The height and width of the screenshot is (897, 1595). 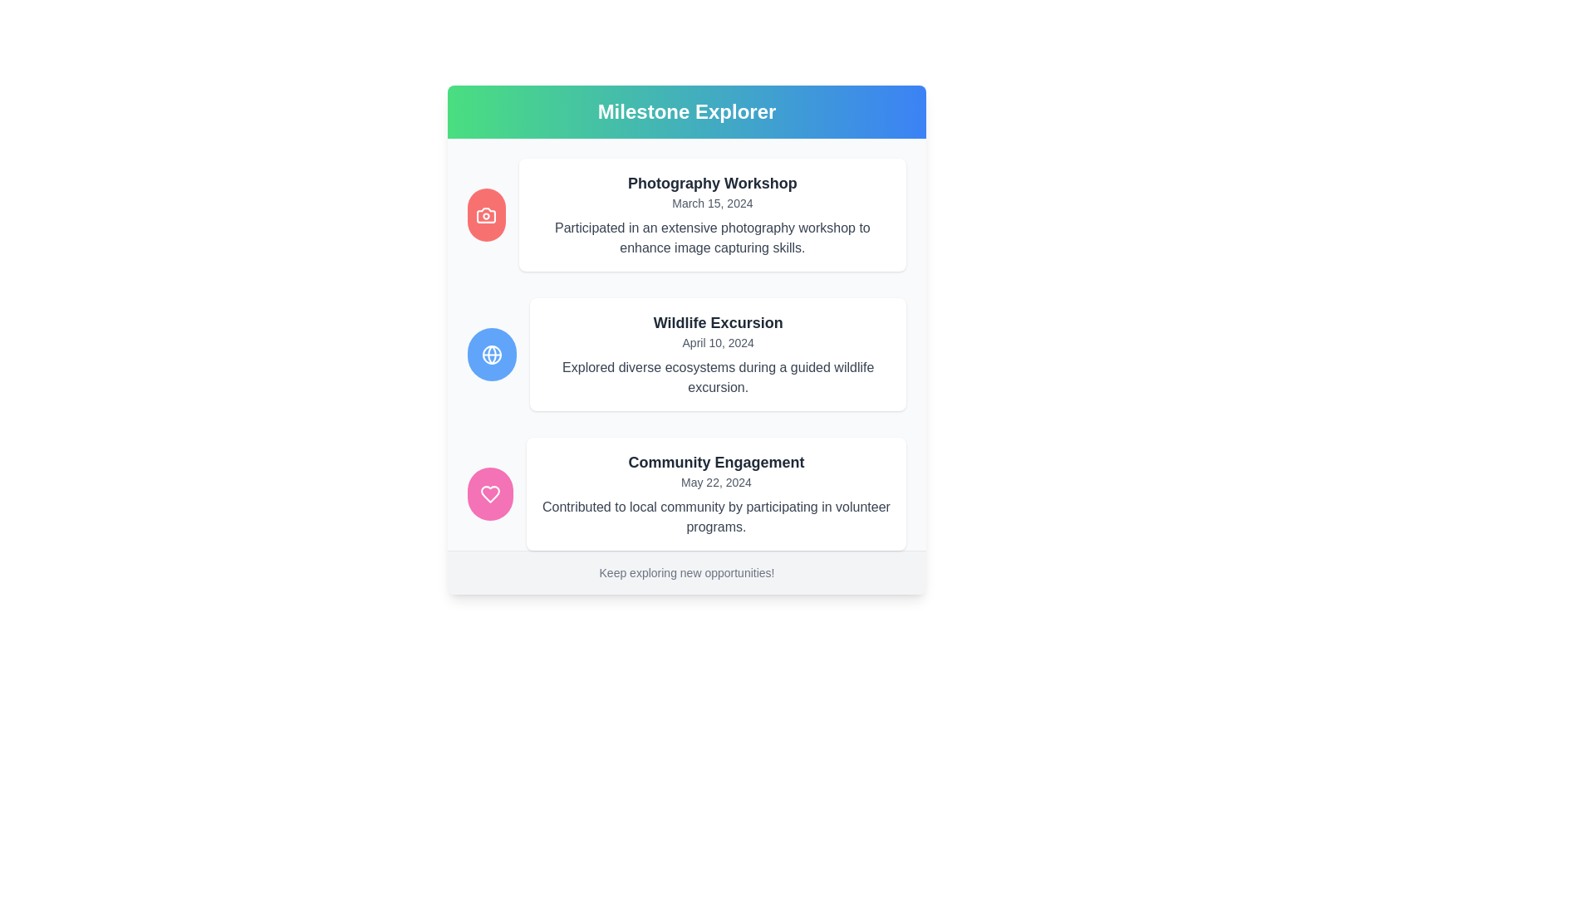 What do you see at coordinates (485, 213) in the screenshot?
I see `the camera icon located to the left of the 'Photography Workshop' text` at bounding box center [485, 213].